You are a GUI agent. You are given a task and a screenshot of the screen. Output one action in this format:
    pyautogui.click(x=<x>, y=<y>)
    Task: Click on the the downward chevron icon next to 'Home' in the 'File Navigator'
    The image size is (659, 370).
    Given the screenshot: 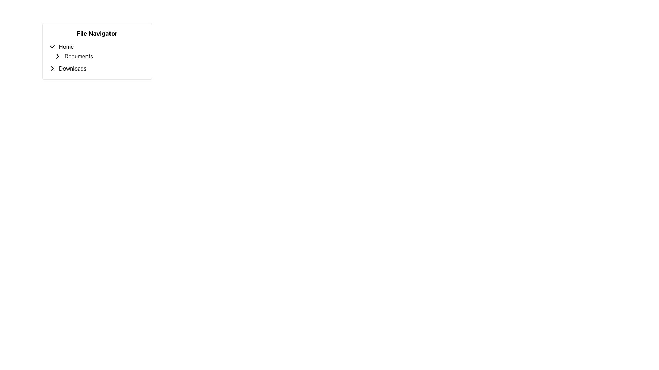 What is the action you would take?
    pyautogui.click(x=52, y=46)
    